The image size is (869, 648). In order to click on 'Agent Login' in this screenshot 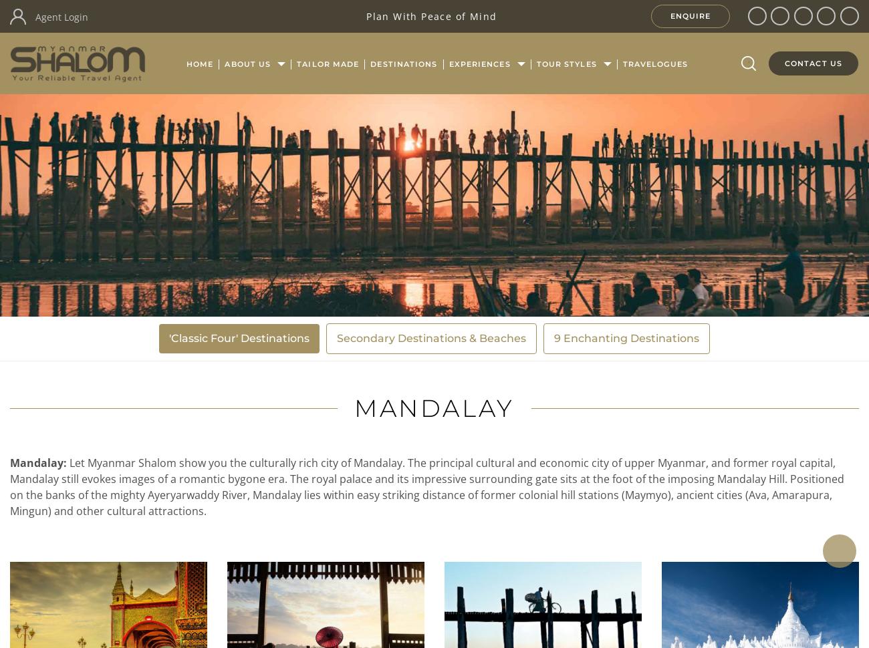, I will do `click(61, 17)`.